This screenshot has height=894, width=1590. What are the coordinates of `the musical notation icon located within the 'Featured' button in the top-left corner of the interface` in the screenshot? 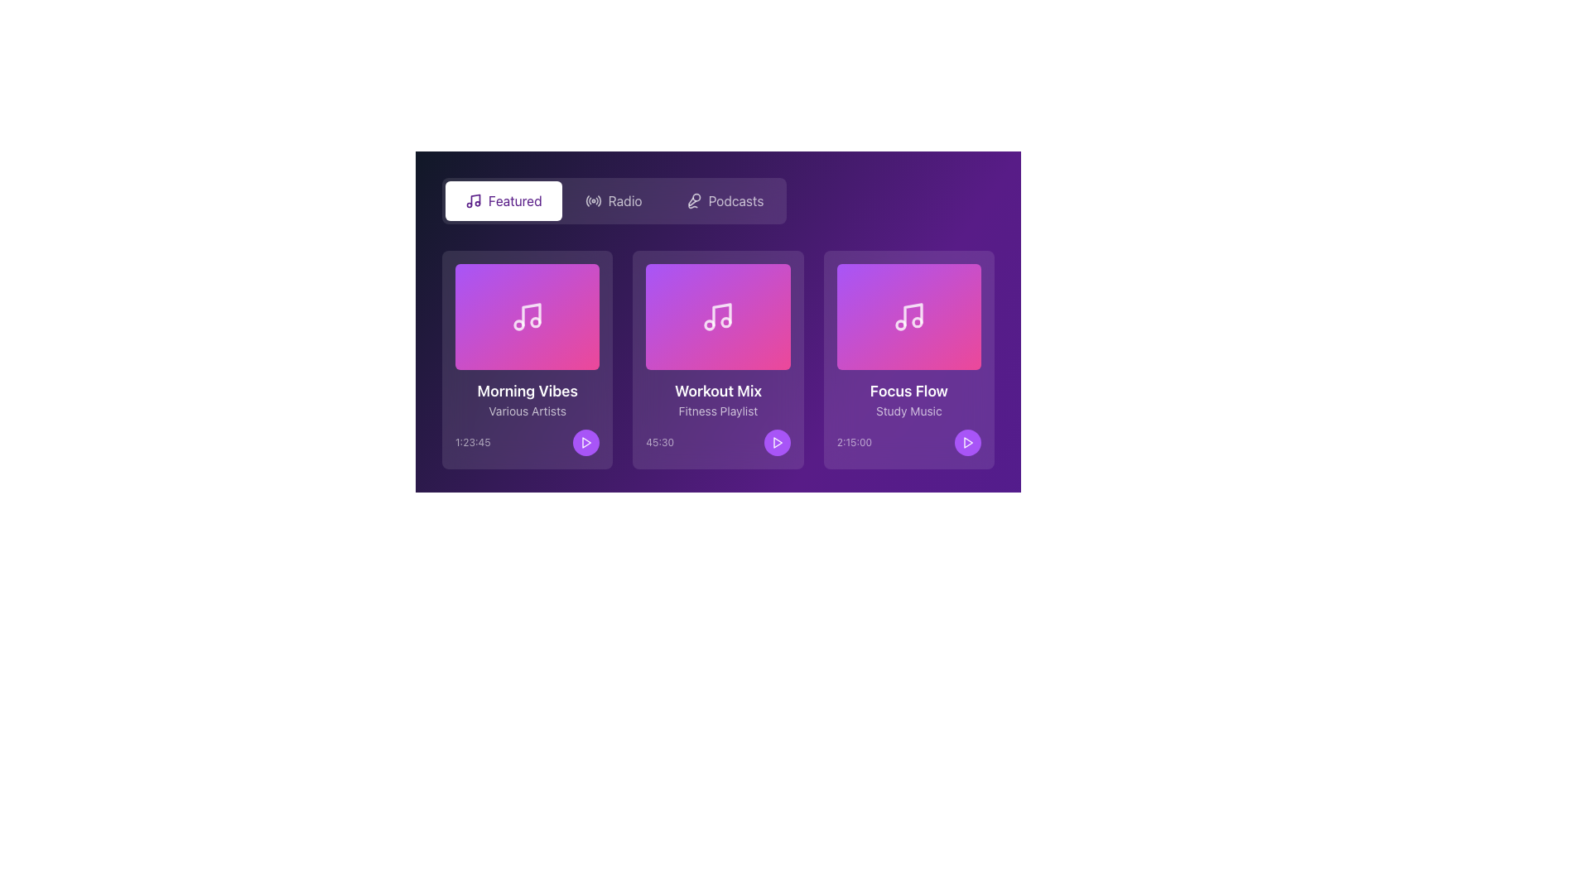 It's located at (475, 199).